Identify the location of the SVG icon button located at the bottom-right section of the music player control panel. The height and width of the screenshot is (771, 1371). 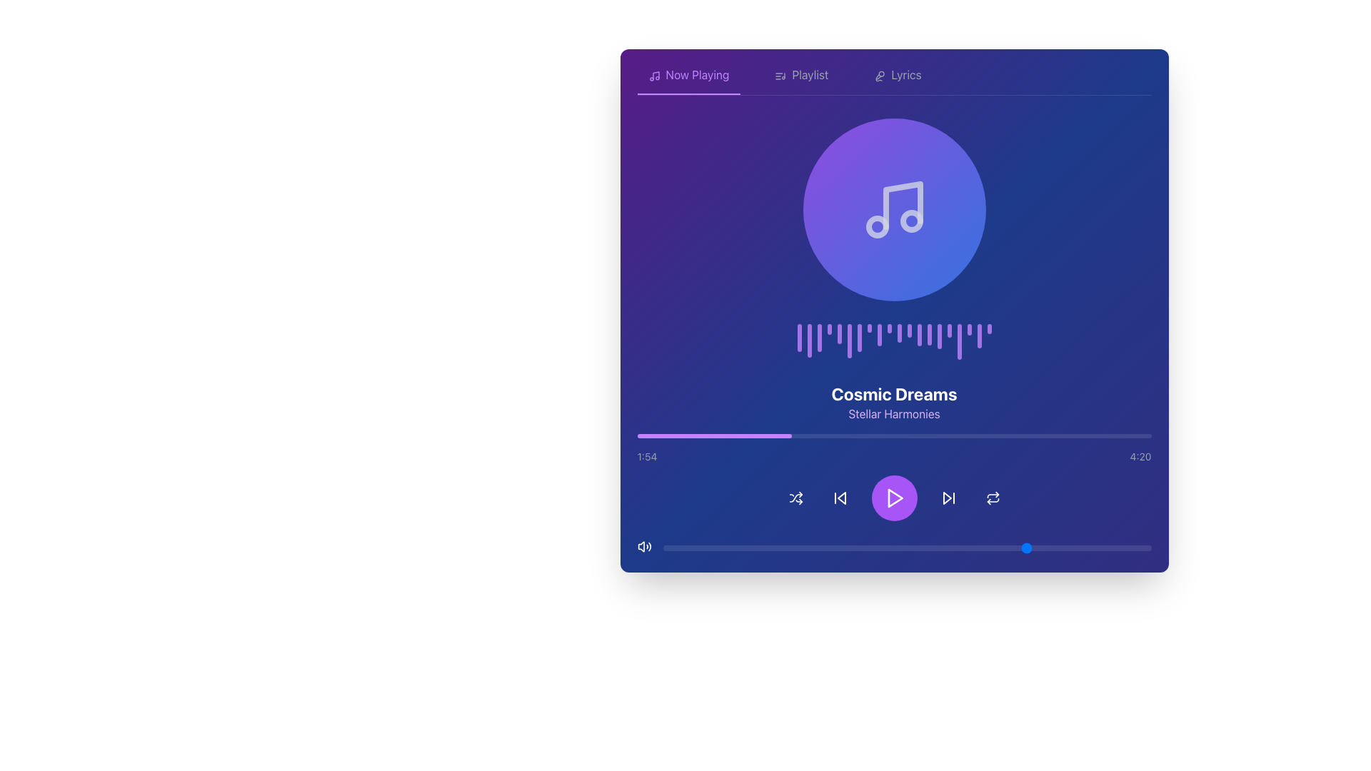
(992, 498).